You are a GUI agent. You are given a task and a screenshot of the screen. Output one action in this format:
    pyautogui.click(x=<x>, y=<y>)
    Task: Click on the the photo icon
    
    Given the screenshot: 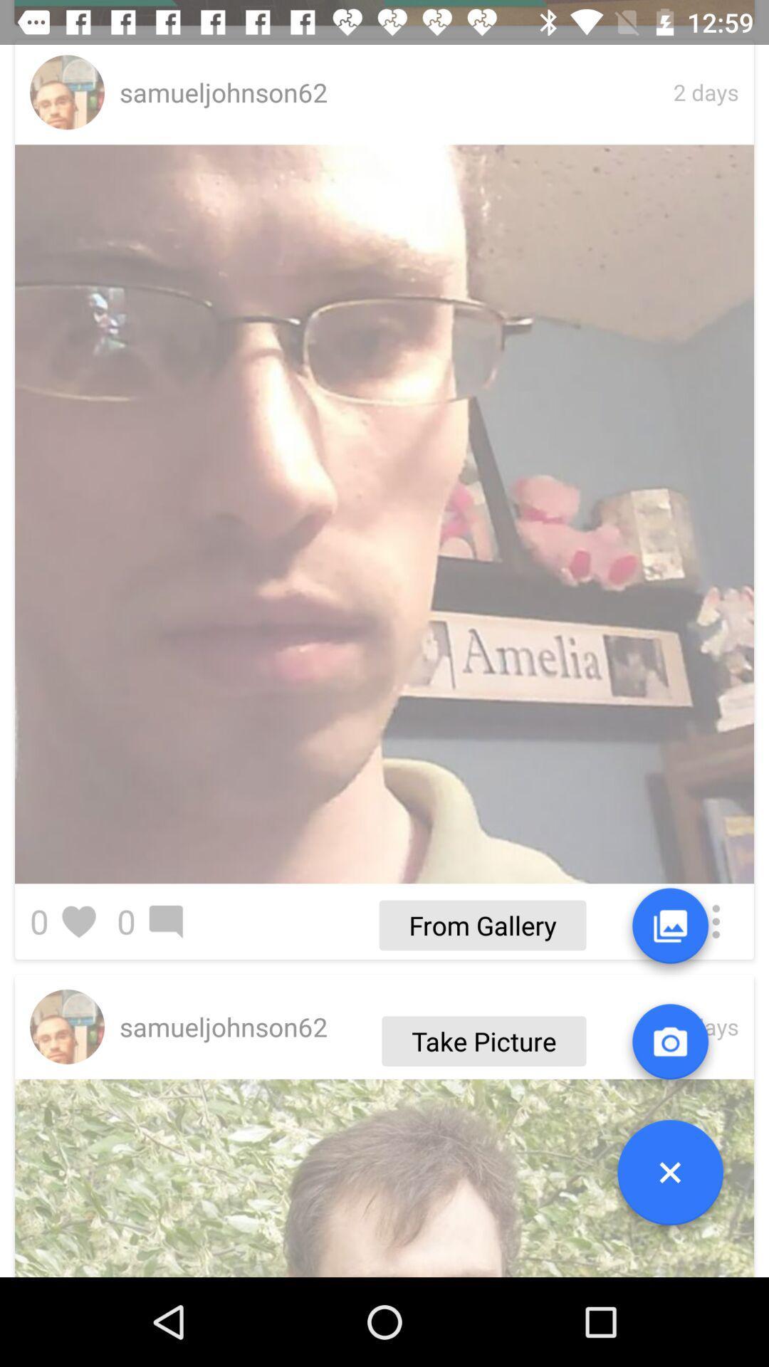 What is the action you would take?
    pyautogui.click(x=670, y=1047)
    